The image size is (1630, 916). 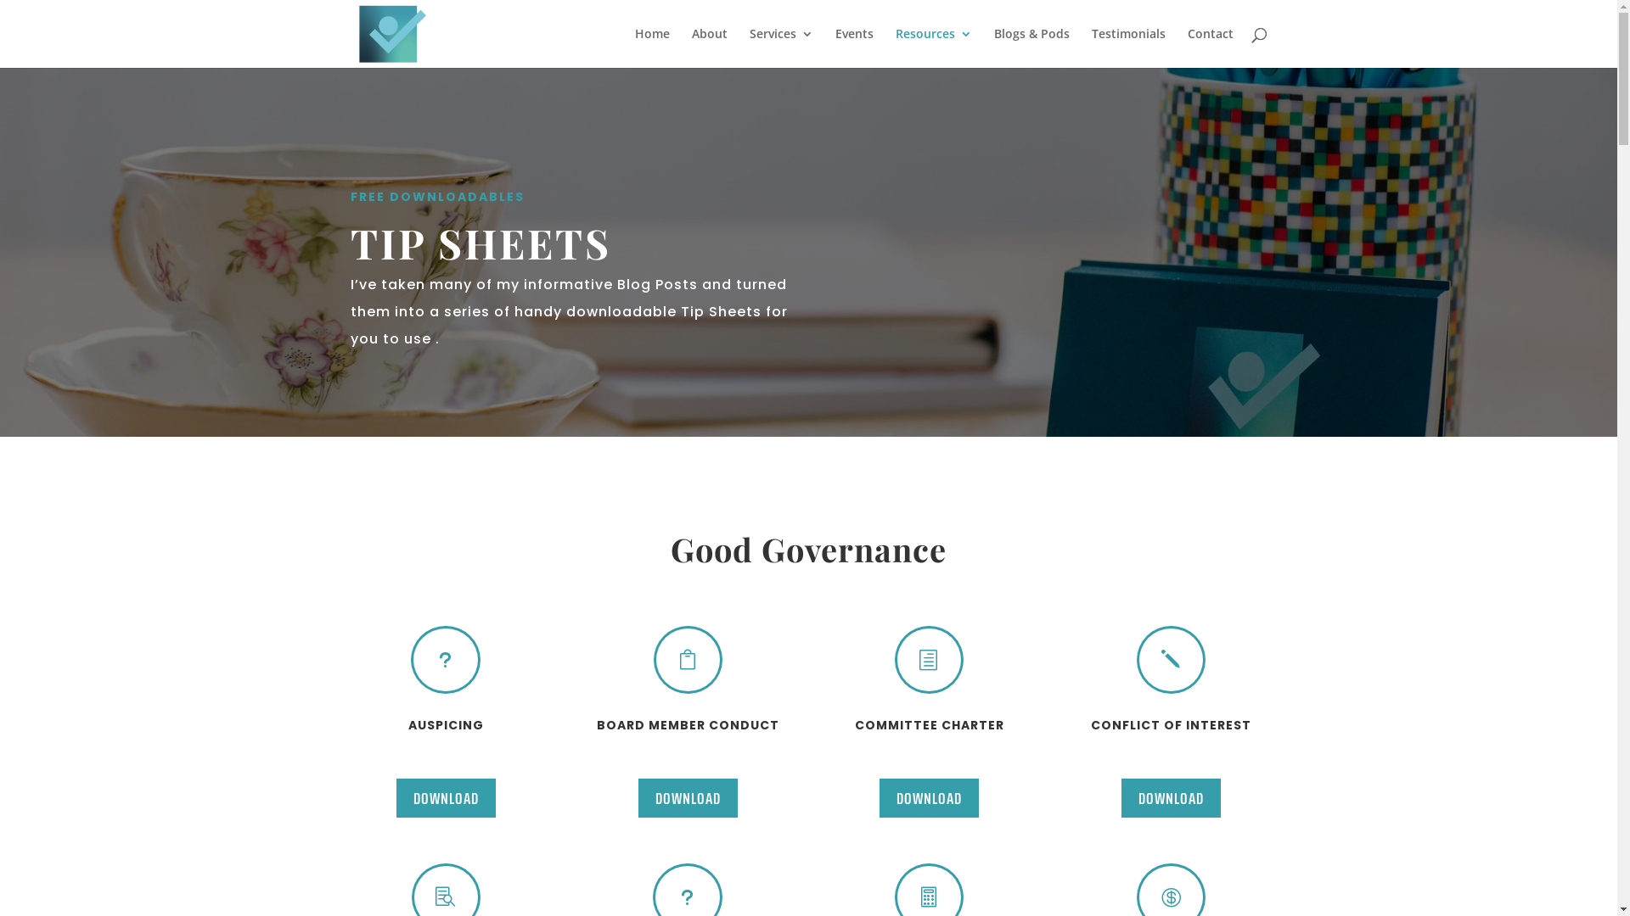 I want to click on 'Home', so click(x=651, y=47).